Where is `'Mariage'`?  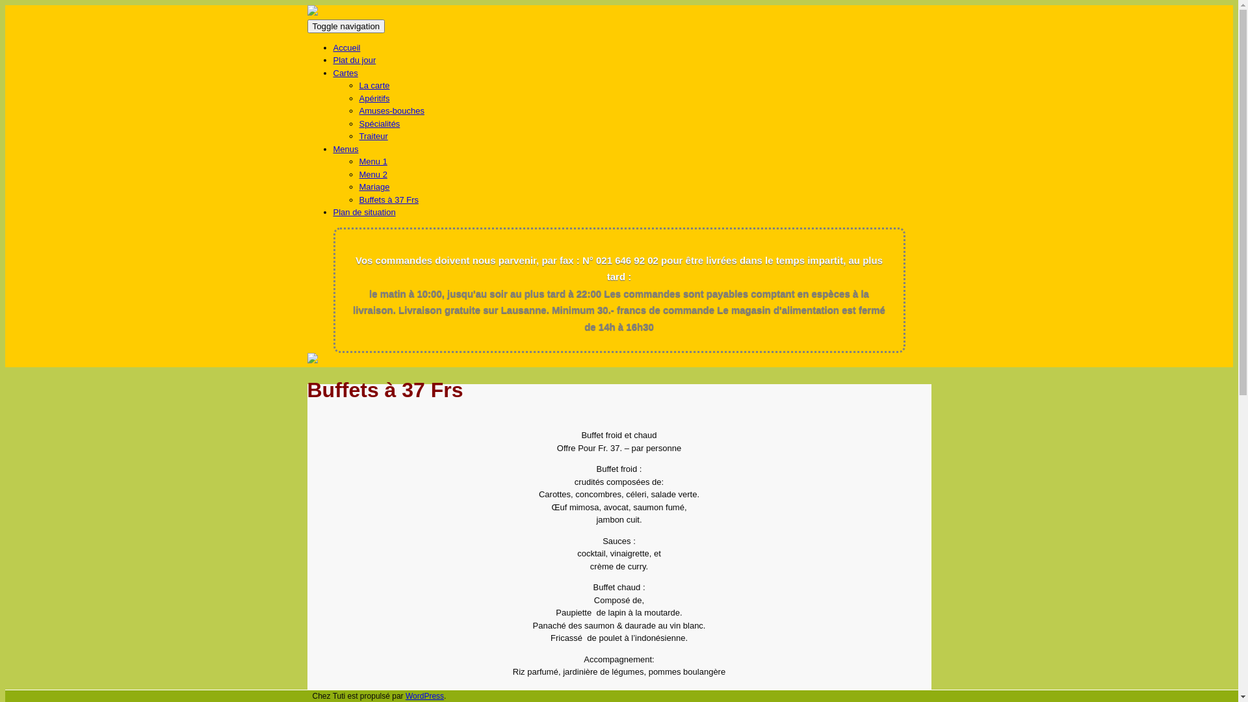 'Mariage' is located at coordinates (373, 187).